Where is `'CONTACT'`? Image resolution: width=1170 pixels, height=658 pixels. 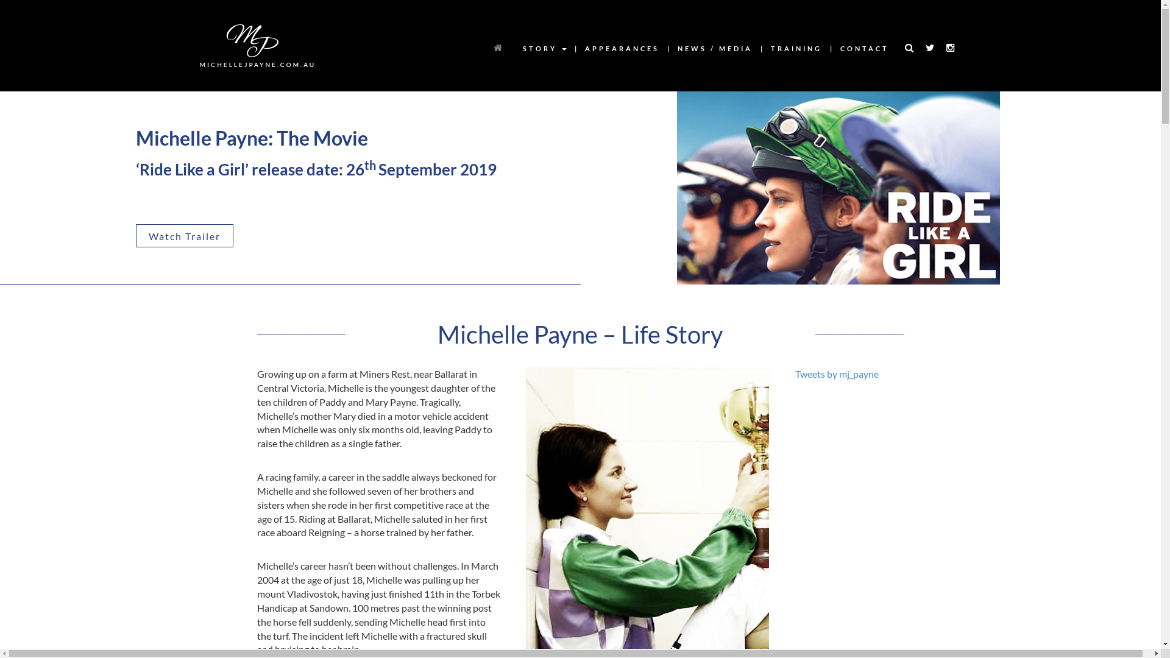 'CONTACT' is located at coordinates (864, 48).